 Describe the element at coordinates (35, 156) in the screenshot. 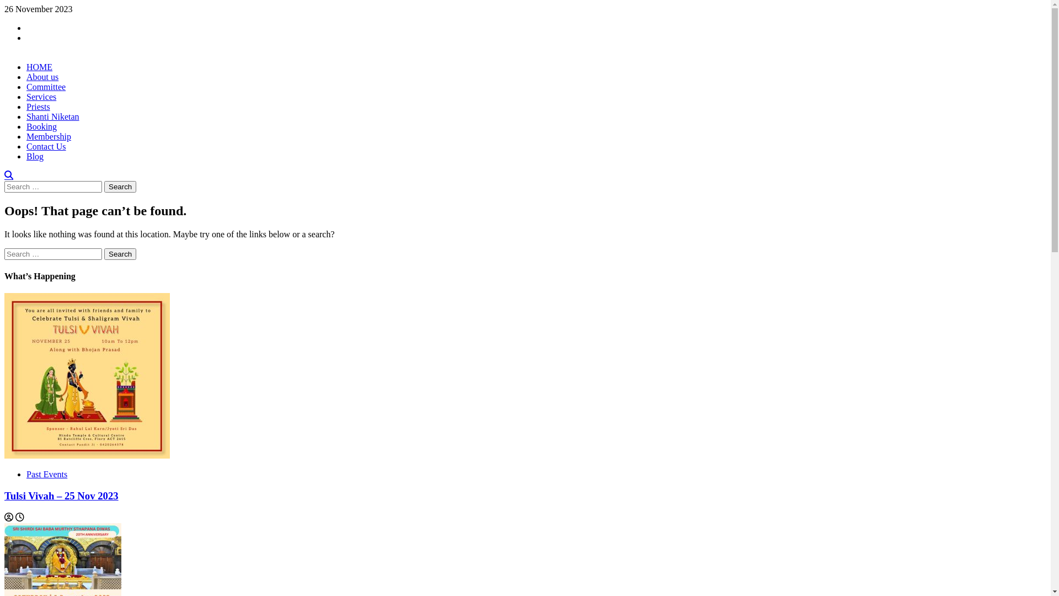

I see `'Blog'` at that location.